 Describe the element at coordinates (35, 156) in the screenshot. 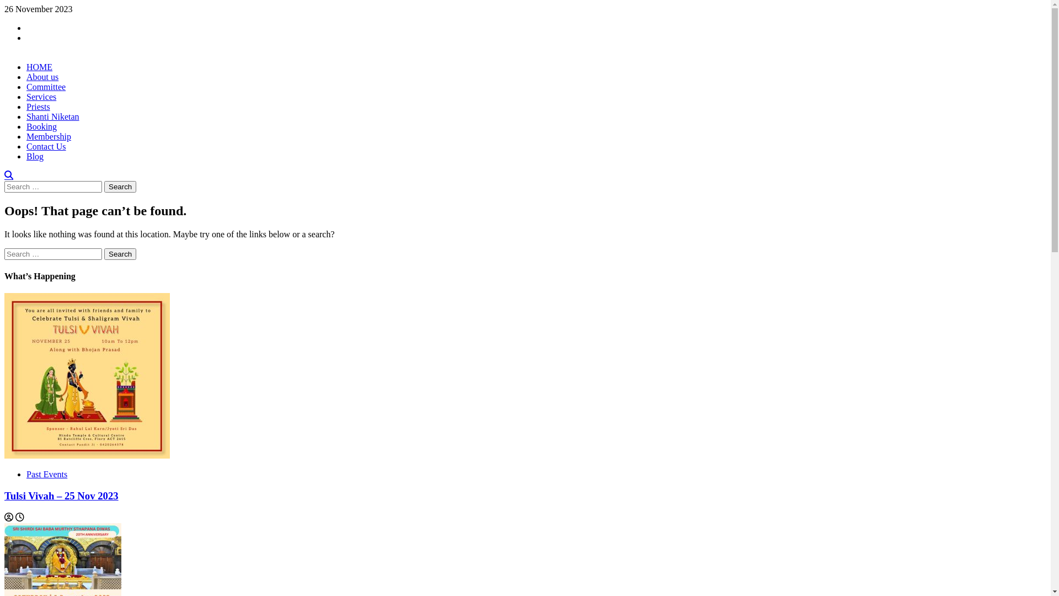

I see `'Blog'` at that location.